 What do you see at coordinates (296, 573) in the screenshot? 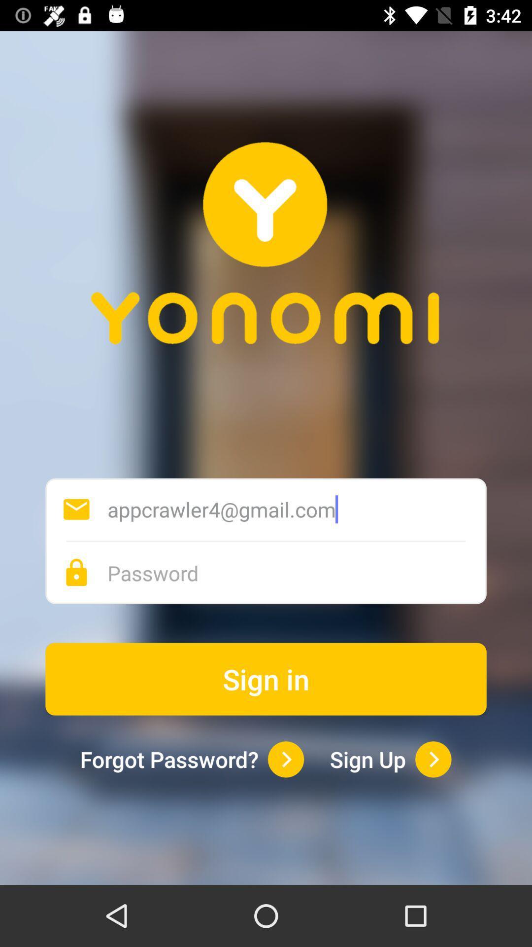
I see `your password` at bounding box center [296, 573].